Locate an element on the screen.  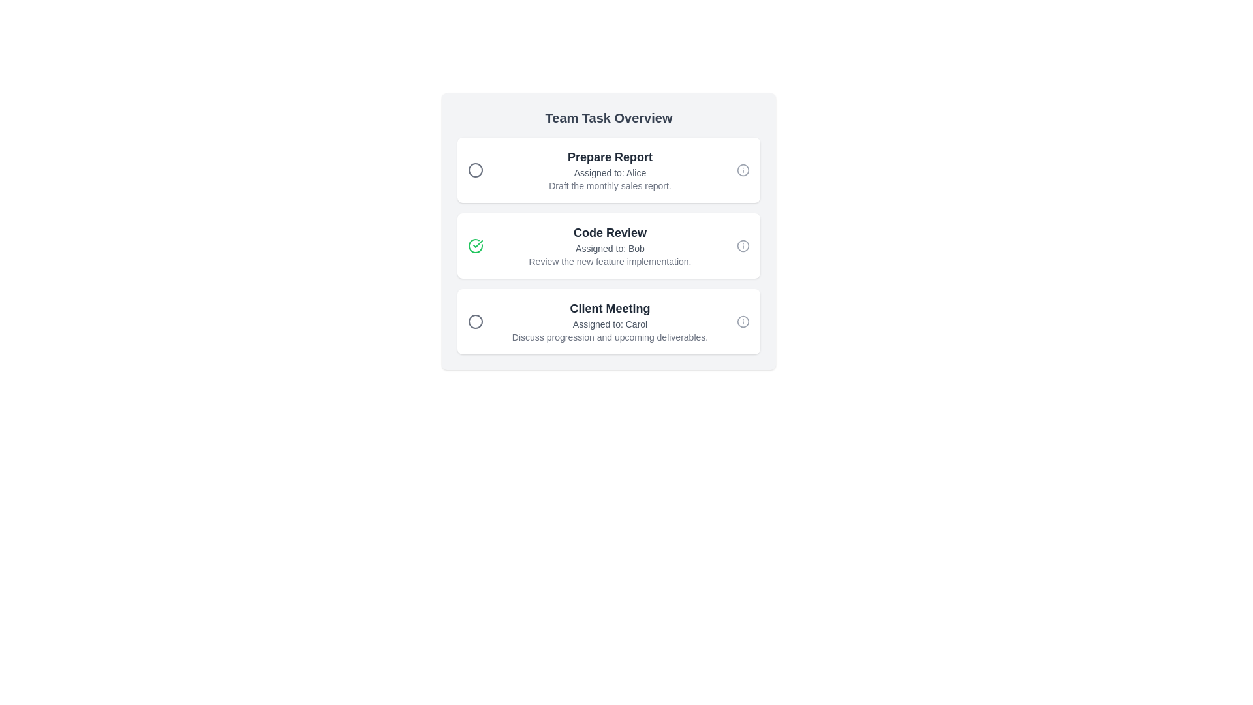
the checkmark icon with a green outline located in the second task card labeled 'Code Review' in the 'Team Task Overview' section is located at coordinates (477, 244).